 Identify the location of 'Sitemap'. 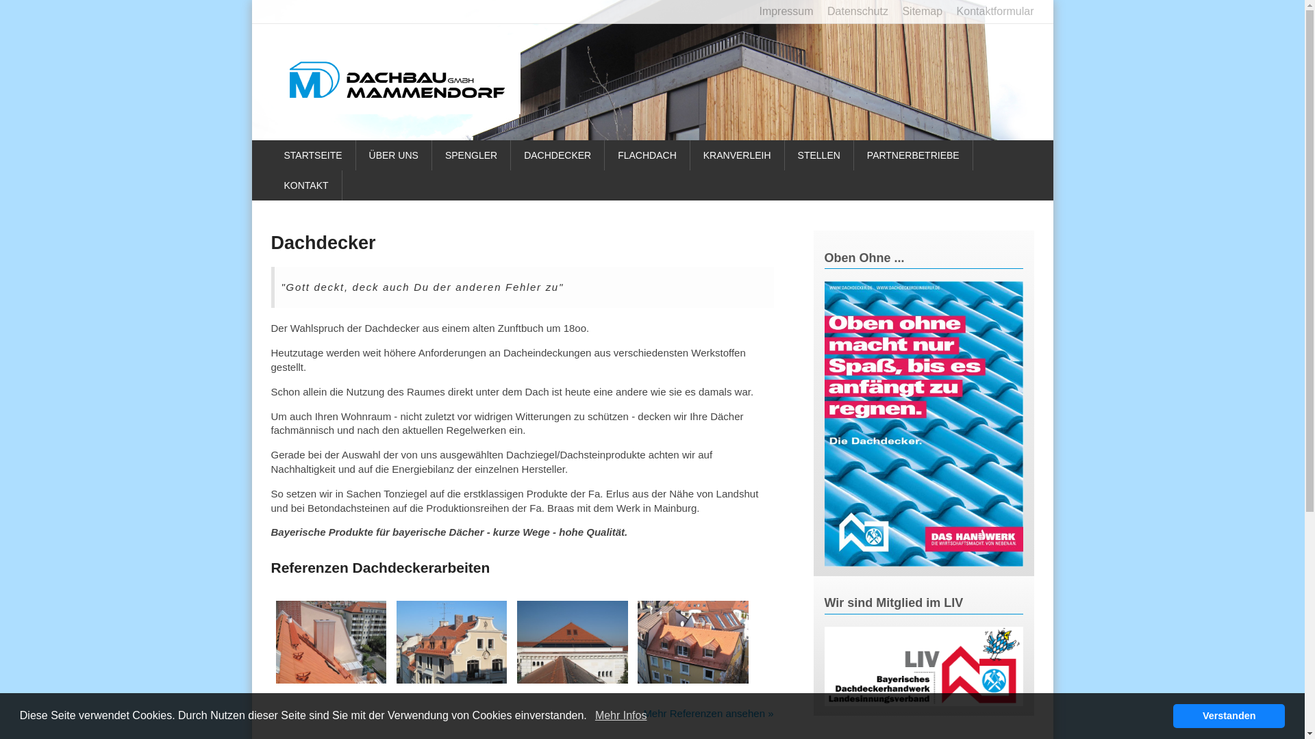
(916, 11).